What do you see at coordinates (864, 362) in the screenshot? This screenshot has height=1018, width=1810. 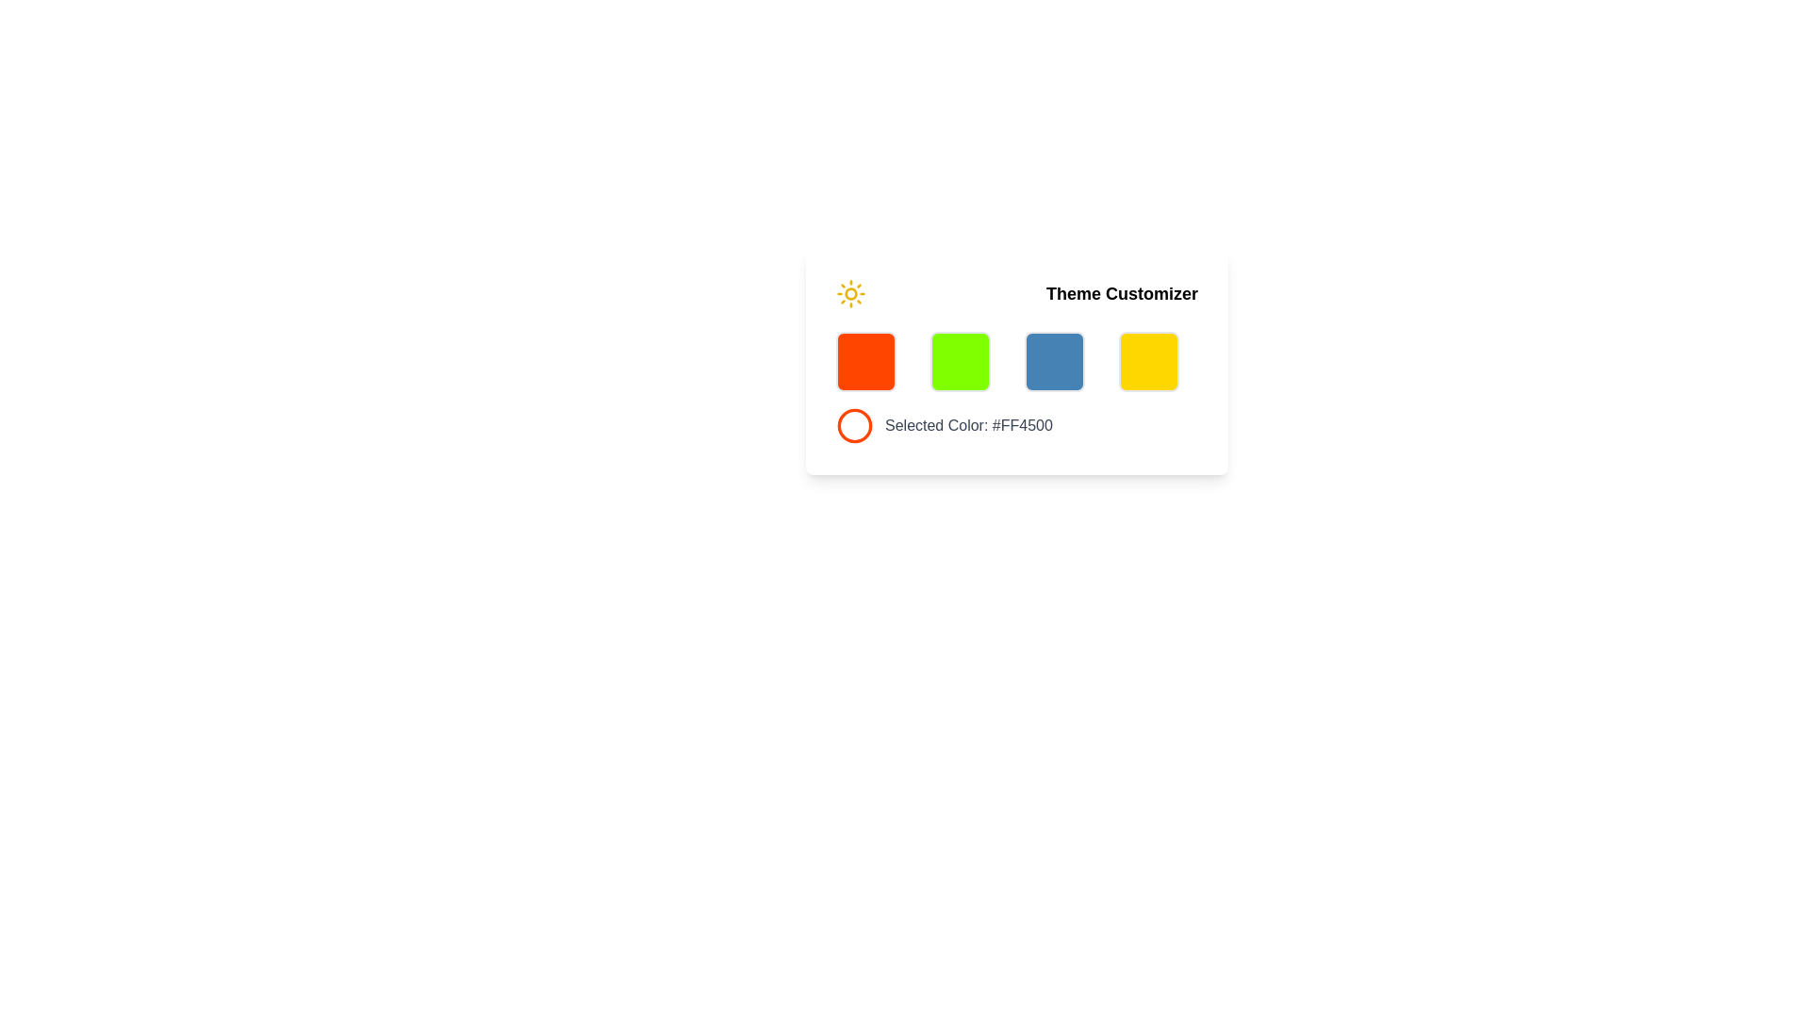 I see `the first square button with a rounded appearance and solid orange background in the grid layout under the 'Theme Customizer' title` at bounding box center [864, 362].